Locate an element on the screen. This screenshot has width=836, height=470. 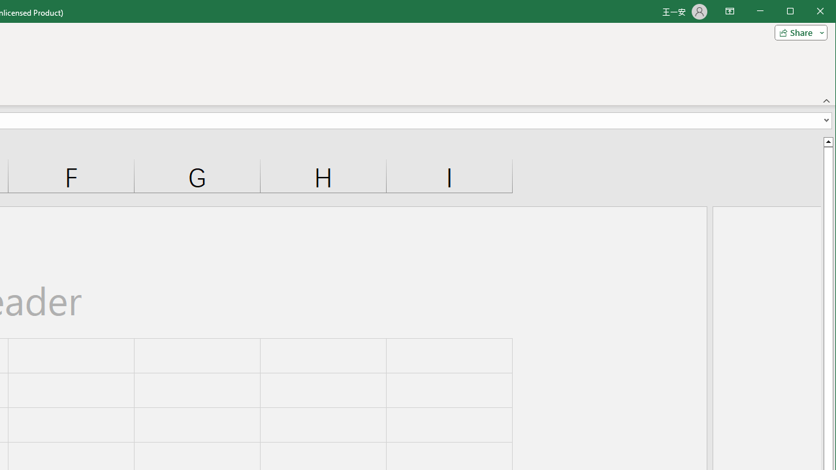
'Line up' is located at coordinates (828, 141).